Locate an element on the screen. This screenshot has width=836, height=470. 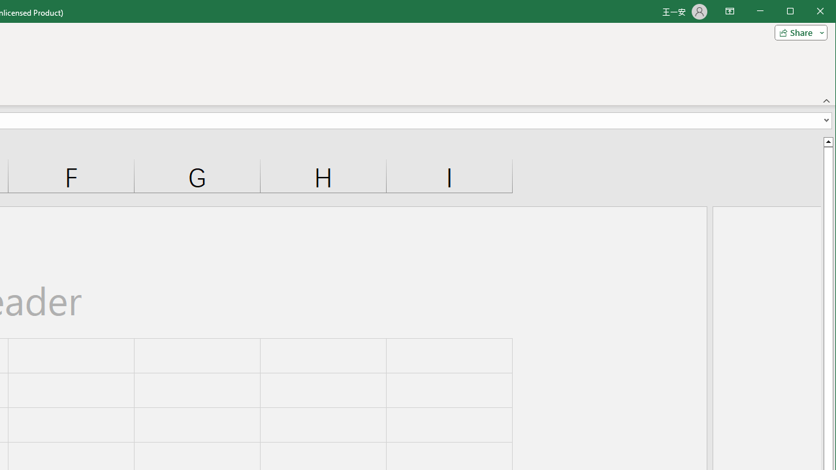
'Line up' is located at coordinates (828, 141).